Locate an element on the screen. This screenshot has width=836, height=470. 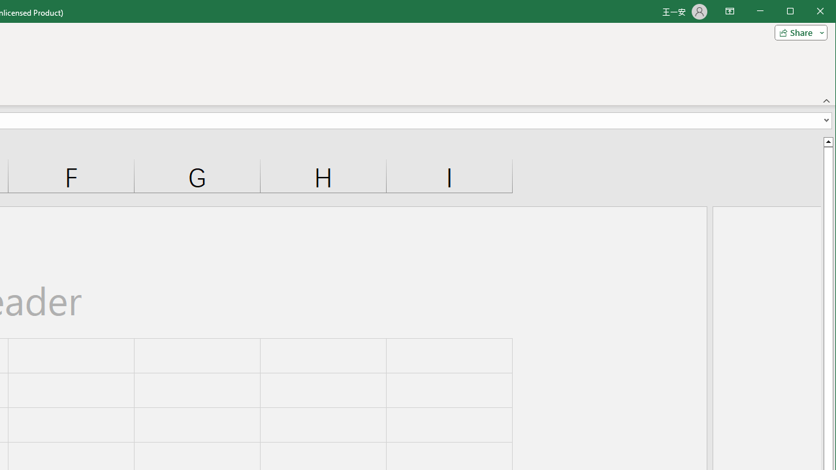
'Line up' is located at coordinates (828, 141).